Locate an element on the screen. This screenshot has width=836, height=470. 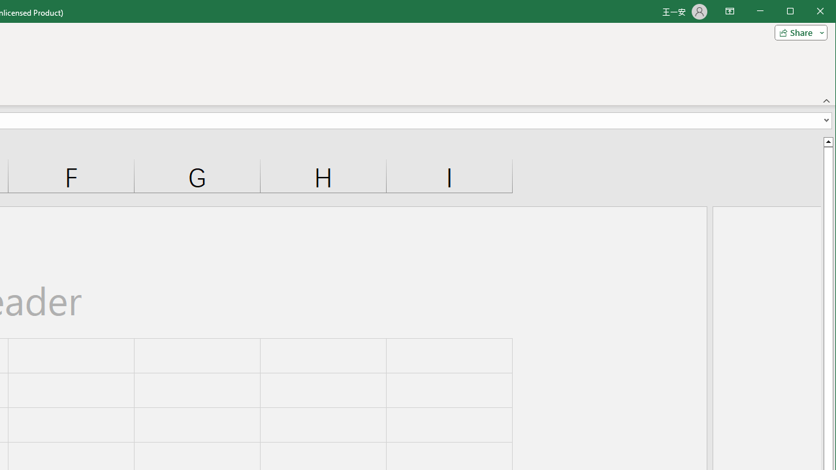
'Line up' is located at coordinates (828, 141).